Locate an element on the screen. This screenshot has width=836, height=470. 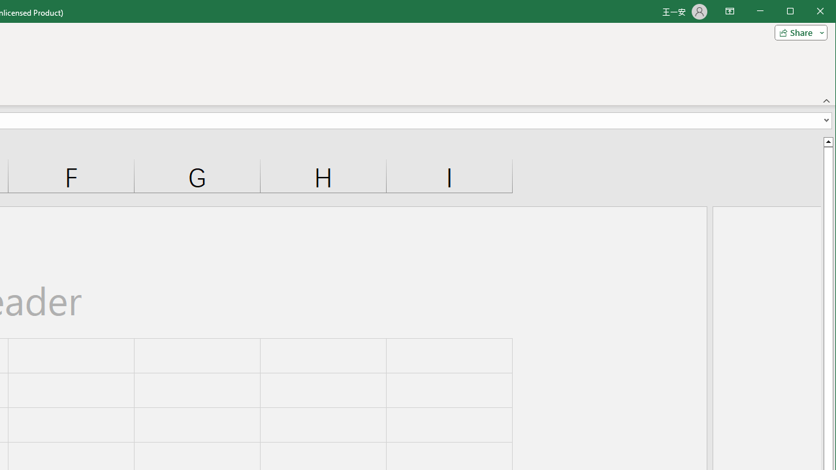
'Line up' is located at coordinates (828, 141).